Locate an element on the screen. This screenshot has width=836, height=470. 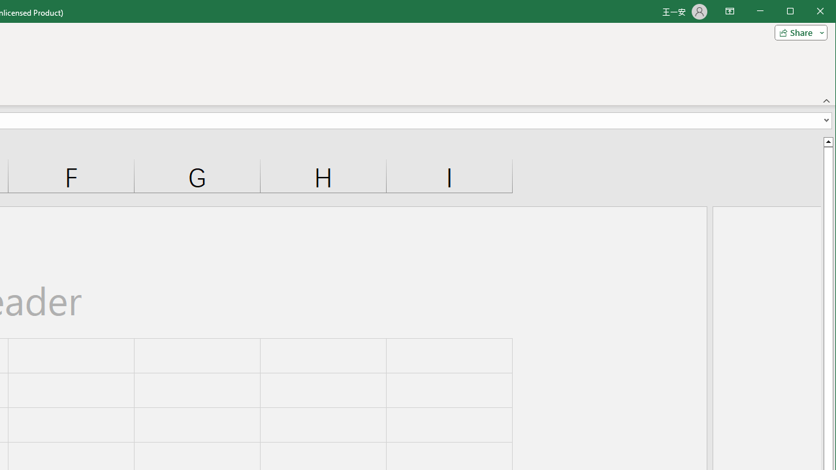
'Line up' is located at coordinates (828, 141).